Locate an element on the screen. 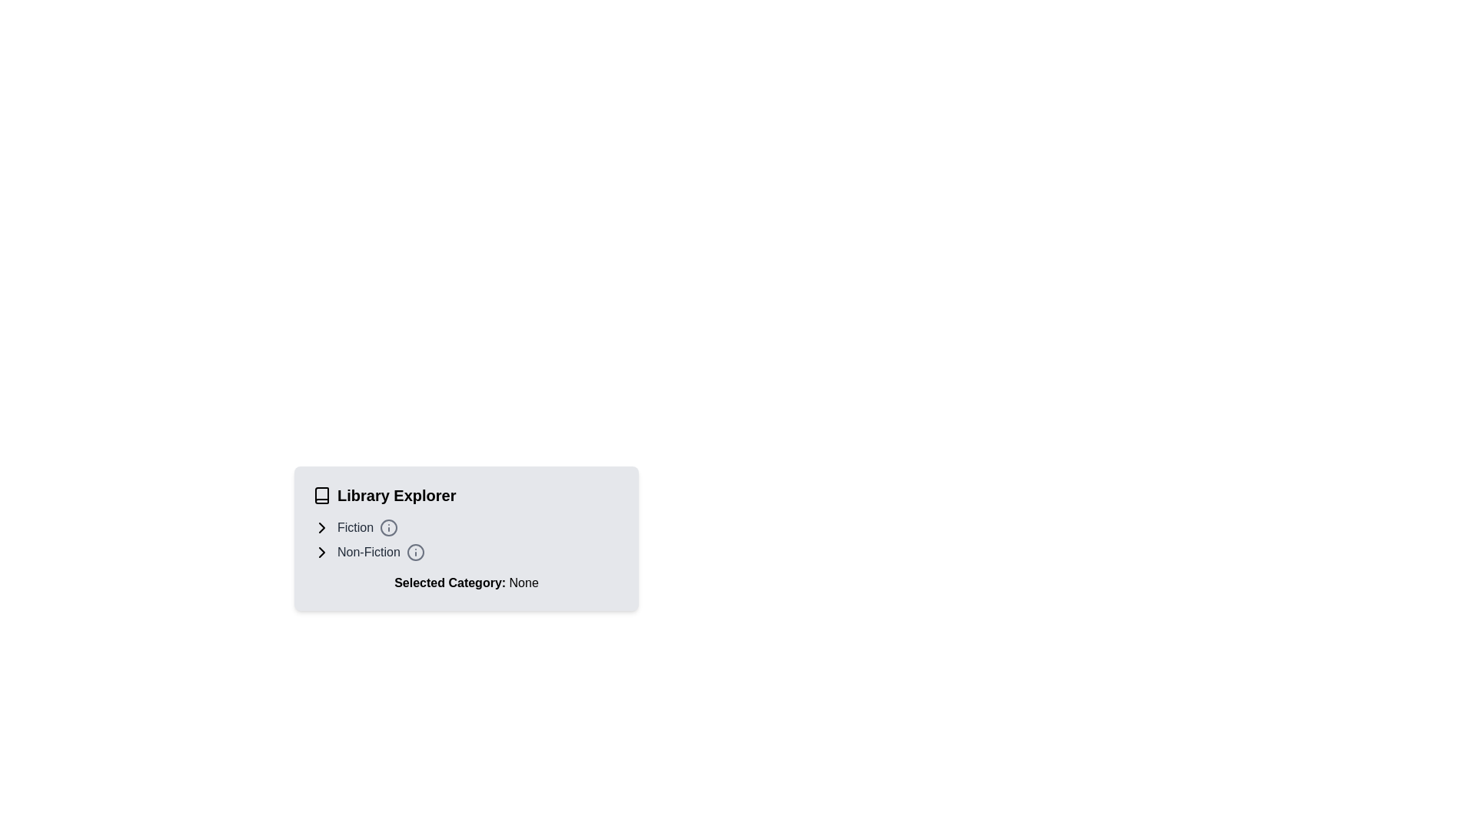 Image resolution: width=1476 pixels, height=830 pixels. the second text label in the Library Explorer section that denotes the 'Non-Fiction' category, located below the 'Fiction' entry is located at coordinates (369, 551).